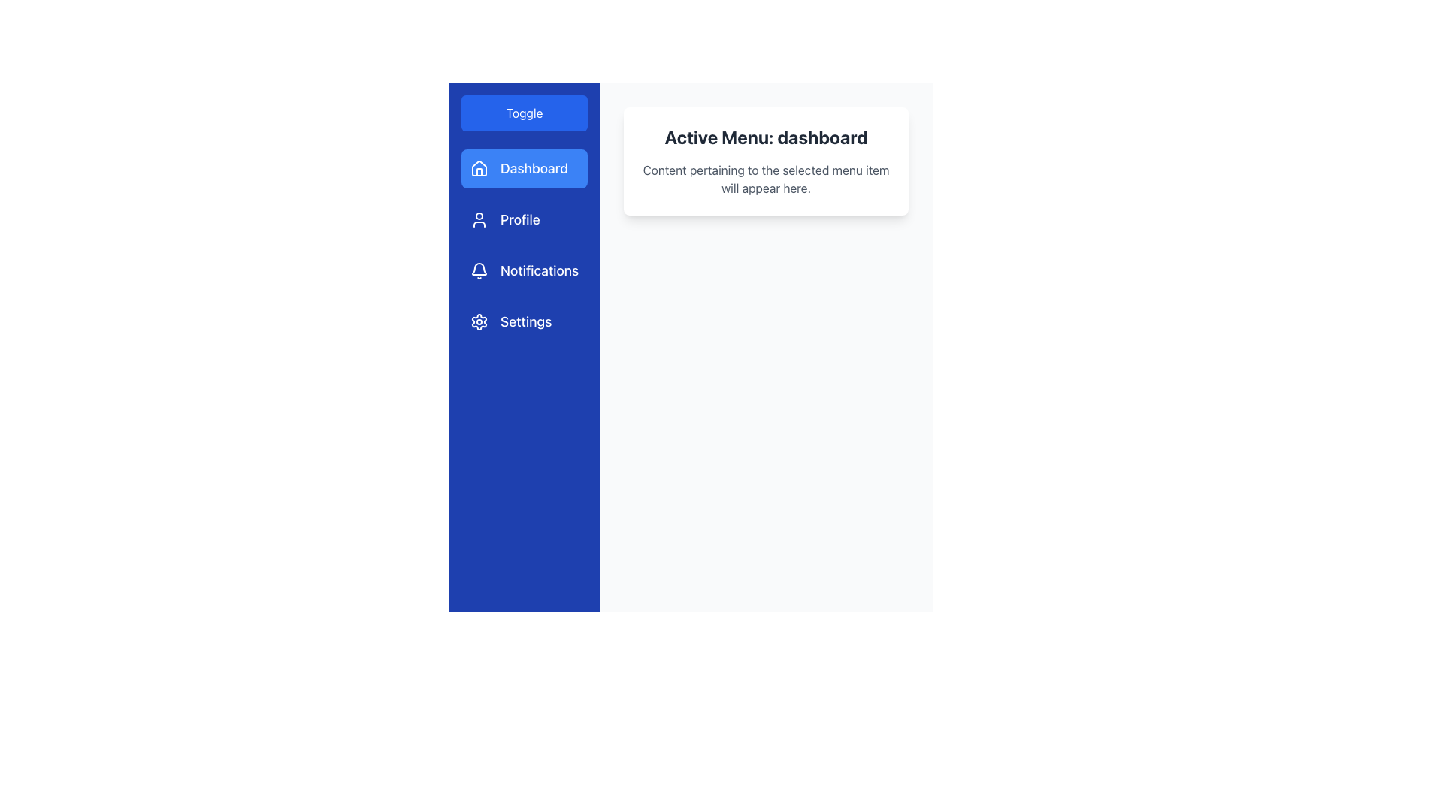  I want to click on the fourth button in the vertically arranged sidebar menu, so click(525, 321).